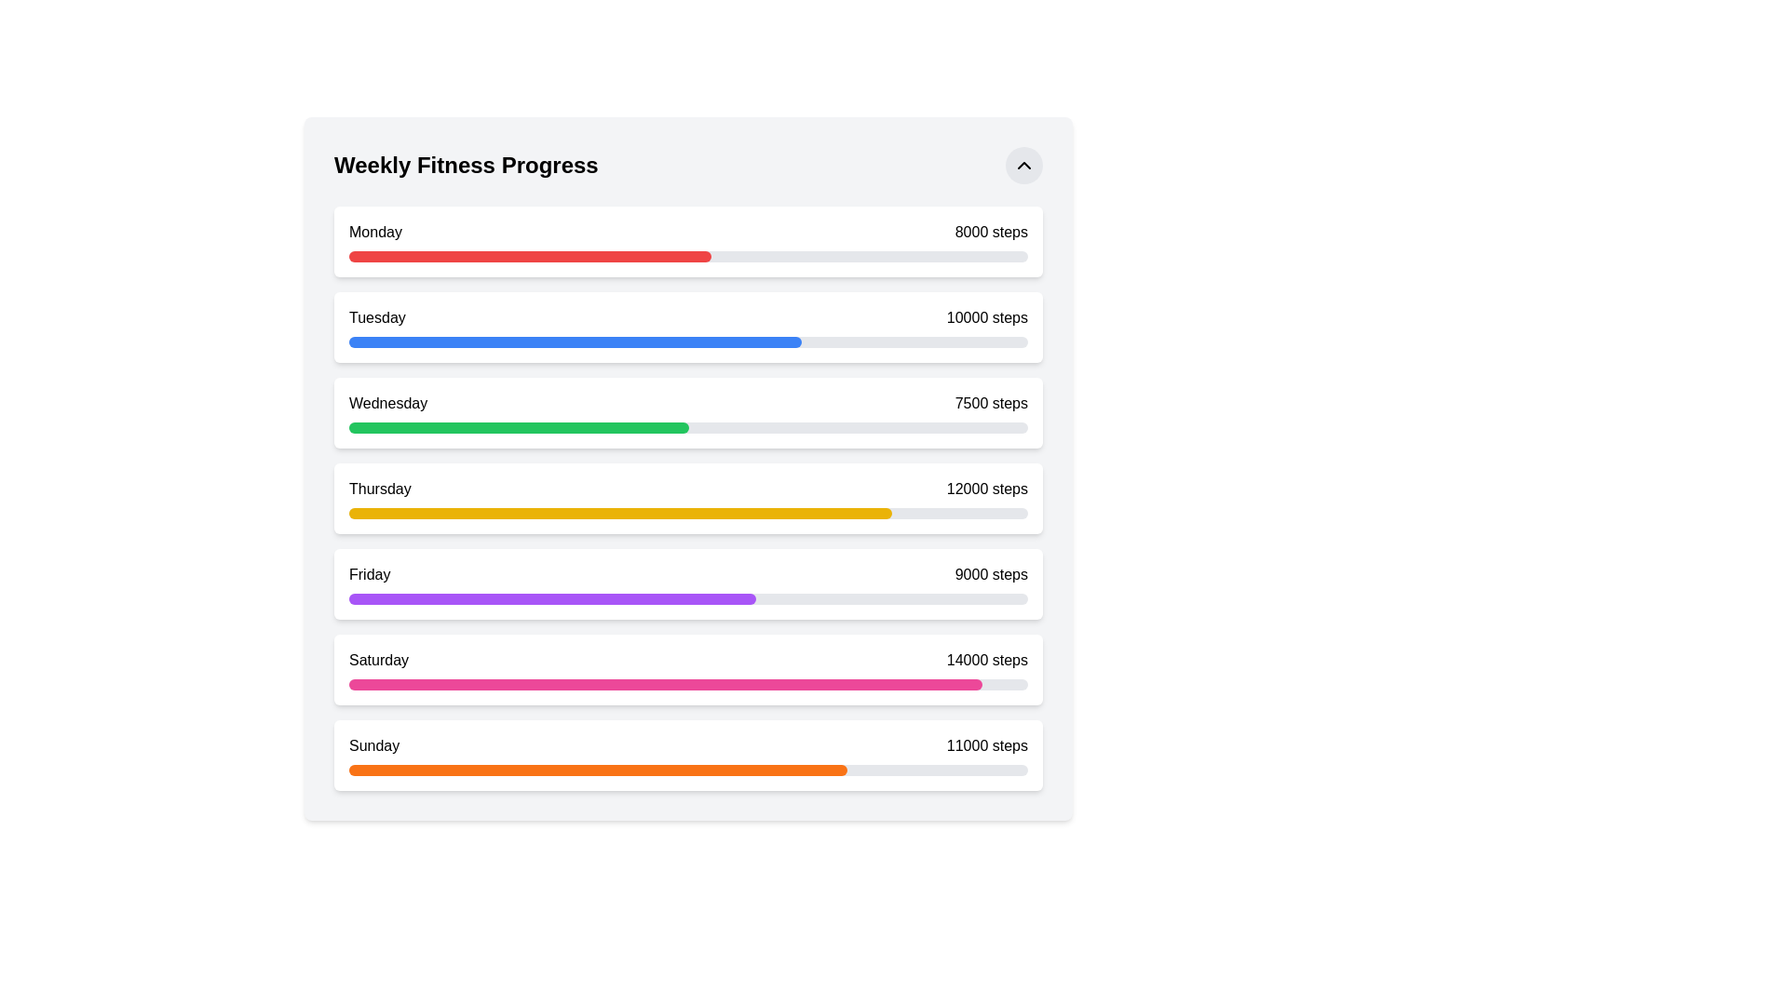 The width and height of the screenshot is (1788, 1005). I want to click on the progress bar component displaying 'Tuesday' and '10000 steps' to select it, so click(687, 326).